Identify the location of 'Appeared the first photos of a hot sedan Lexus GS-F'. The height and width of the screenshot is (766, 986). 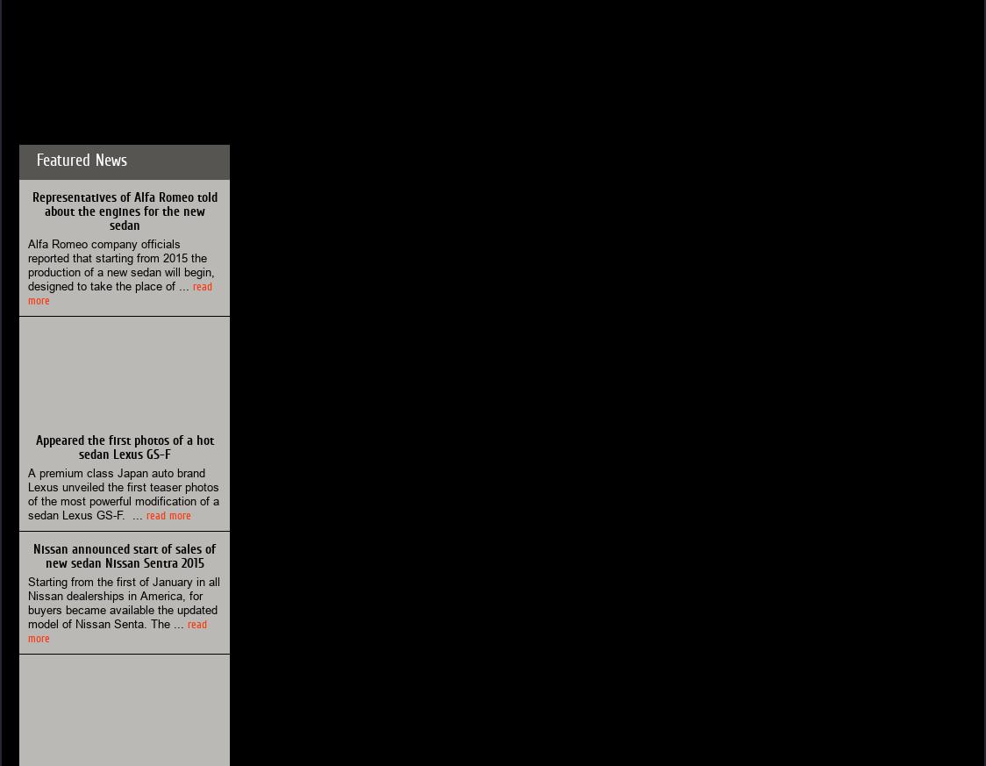
(123, 447).